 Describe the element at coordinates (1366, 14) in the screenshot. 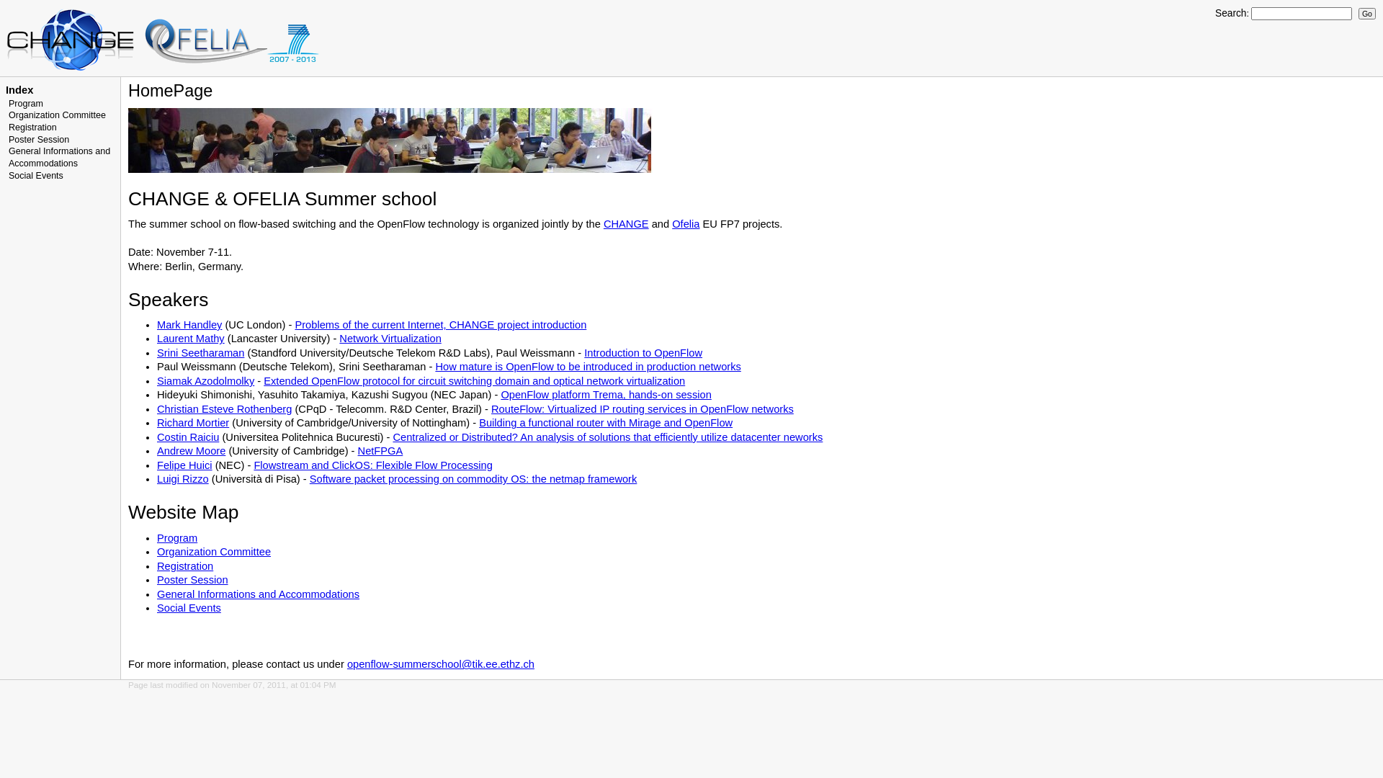

I see `'Go'` at that location.